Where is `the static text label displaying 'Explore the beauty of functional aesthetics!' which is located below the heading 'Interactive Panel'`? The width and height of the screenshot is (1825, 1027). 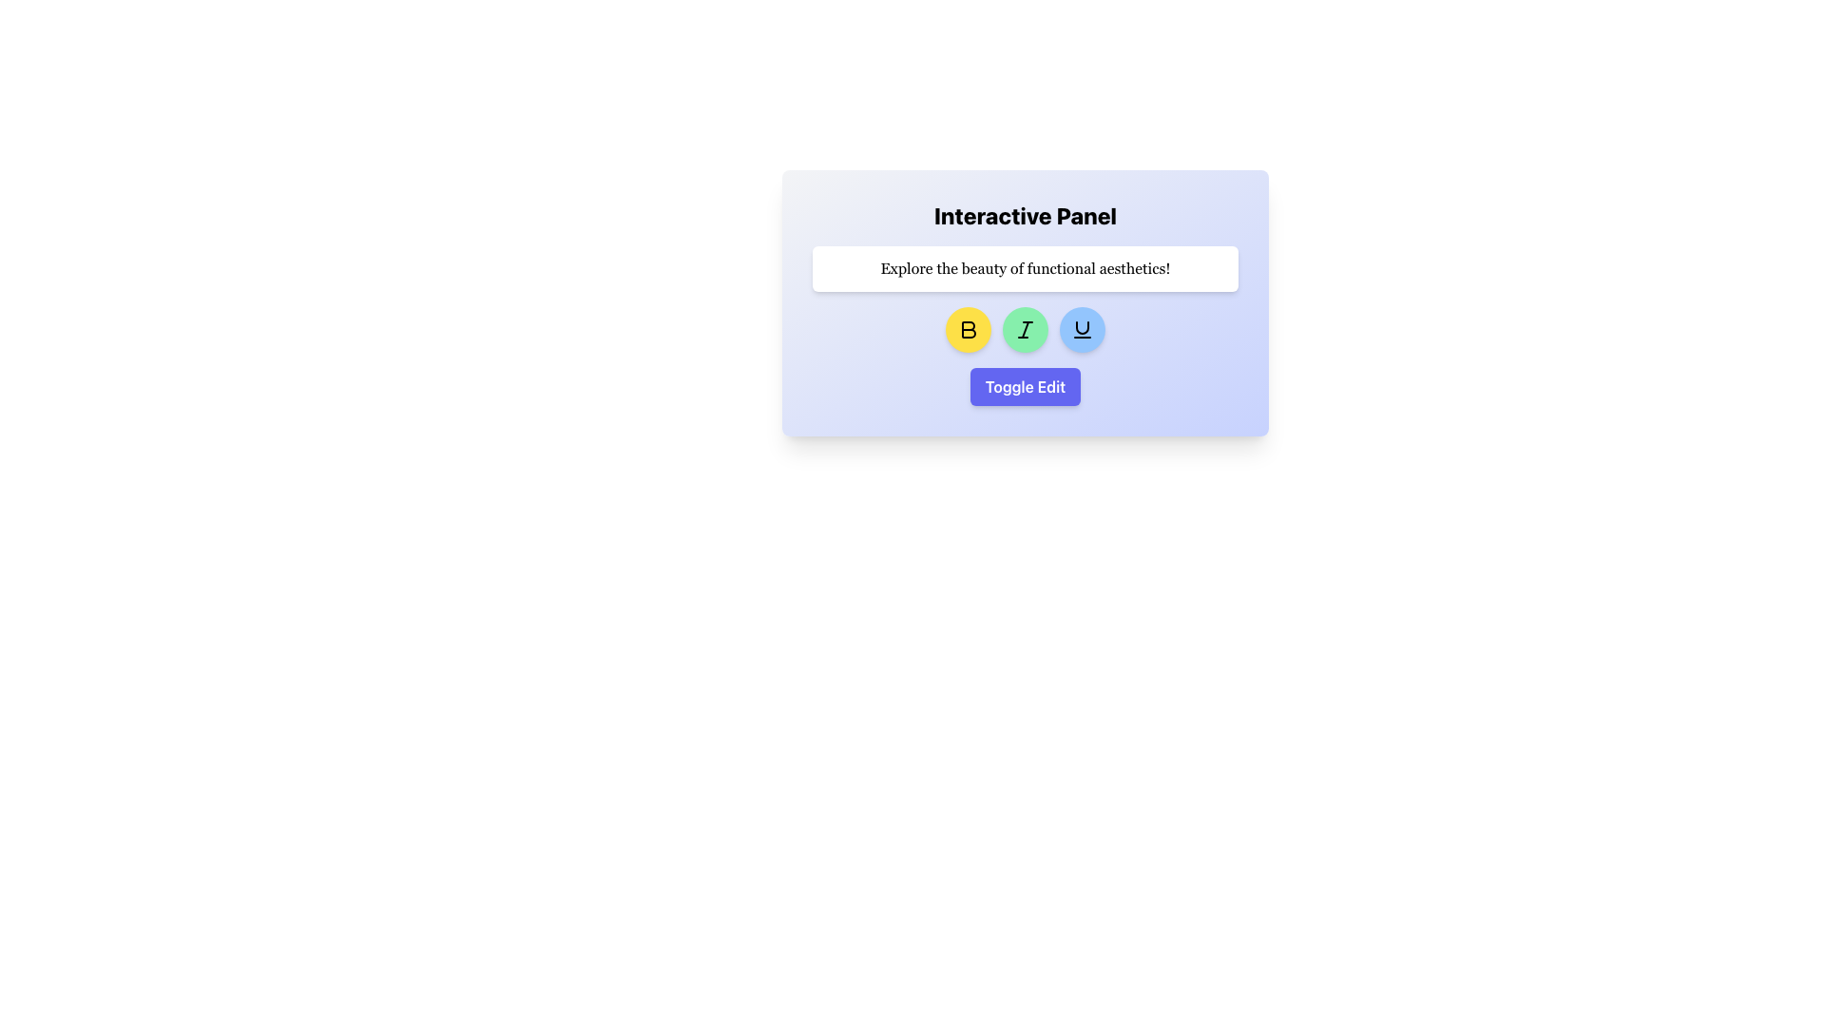
the static text label displaying 'Explore the beauty of functional aesthetics!' which is located below the heading 'Interactive Panel' is located at coordinates (1025, 268).